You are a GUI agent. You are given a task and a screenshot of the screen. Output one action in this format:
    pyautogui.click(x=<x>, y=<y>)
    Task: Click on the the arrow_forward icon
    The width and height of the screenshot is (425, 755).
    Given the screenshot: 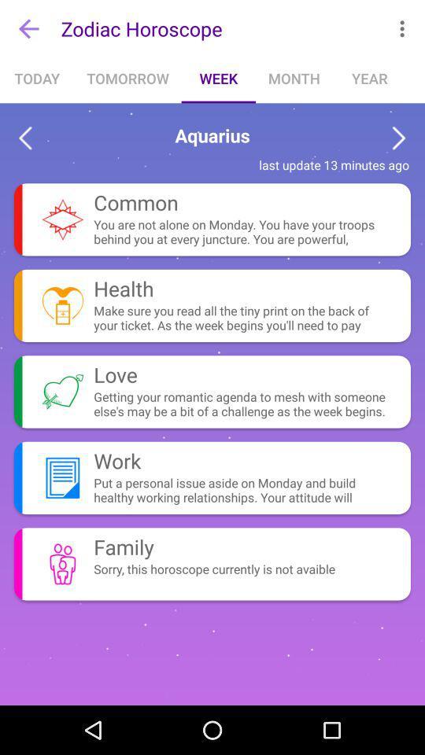 What is the action you would take?
    pyautogui.click(x=399, y=138)
    